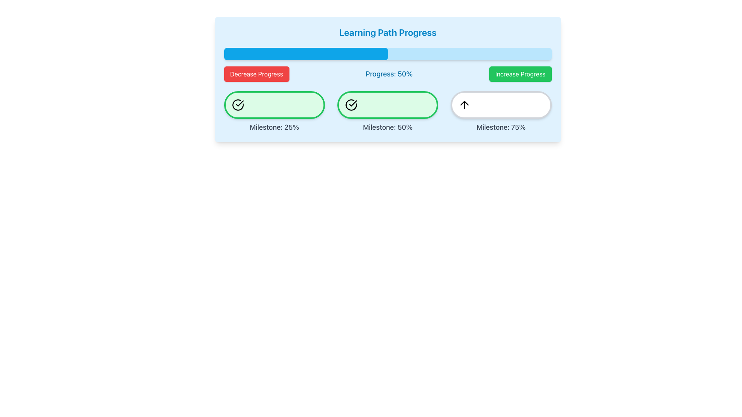 The height and width of the screenshot is (417, 742). What do you see at coordinates (389, 74) in the screenshot?
I see `the progress value indicator label located near the center of the header panel between the 'Decrease Progress' and 'Increase Progress' buttons` at bounding box center [389, 74].